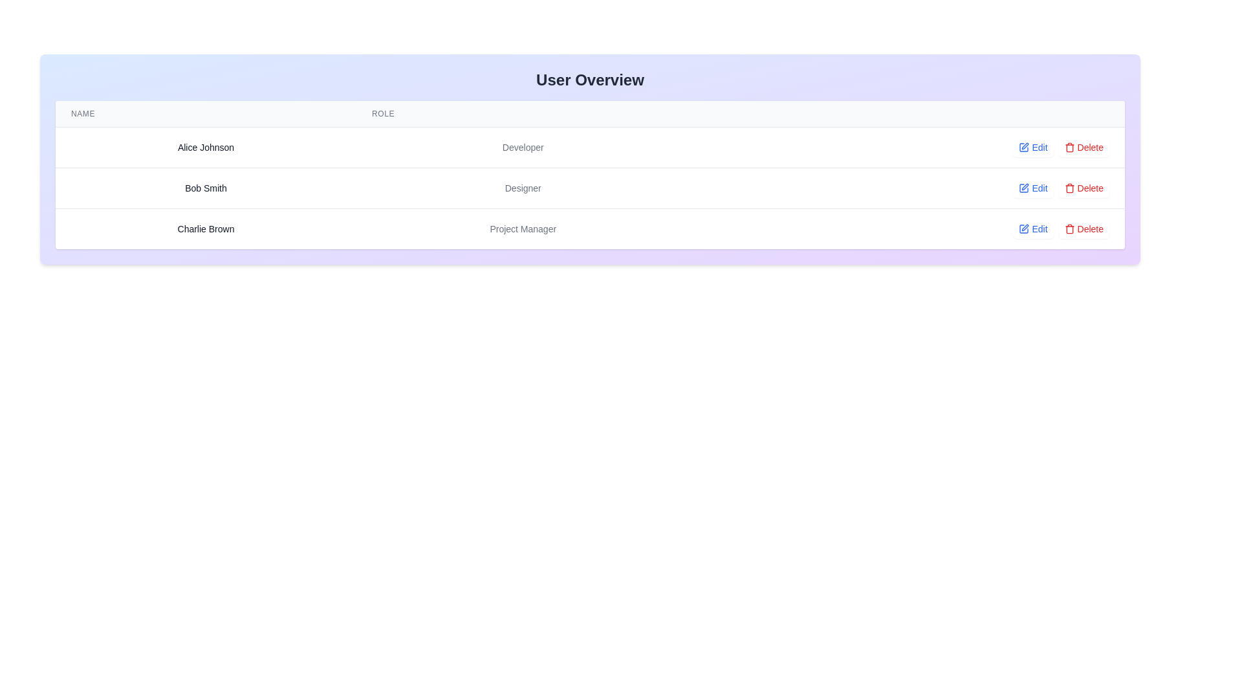 Image resolution: width=1242 pixels, height=699 pixels. I want to click on the Text Label displaying the name of an individual, located in the first column of the third row under the 'NAME' header, so click(205, 228).